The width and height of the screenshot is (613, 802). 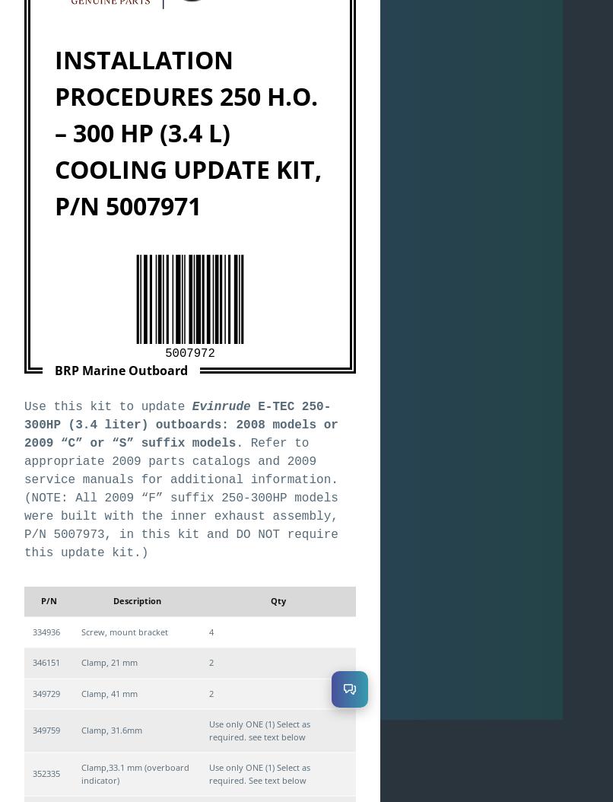 I want to click on 'INSTALLATION PROCEDURES 250 H.O. – 300 HP (3.4 L) COOLING UPDATE KIT, P/N 5007971', so click(x=187, y=132).